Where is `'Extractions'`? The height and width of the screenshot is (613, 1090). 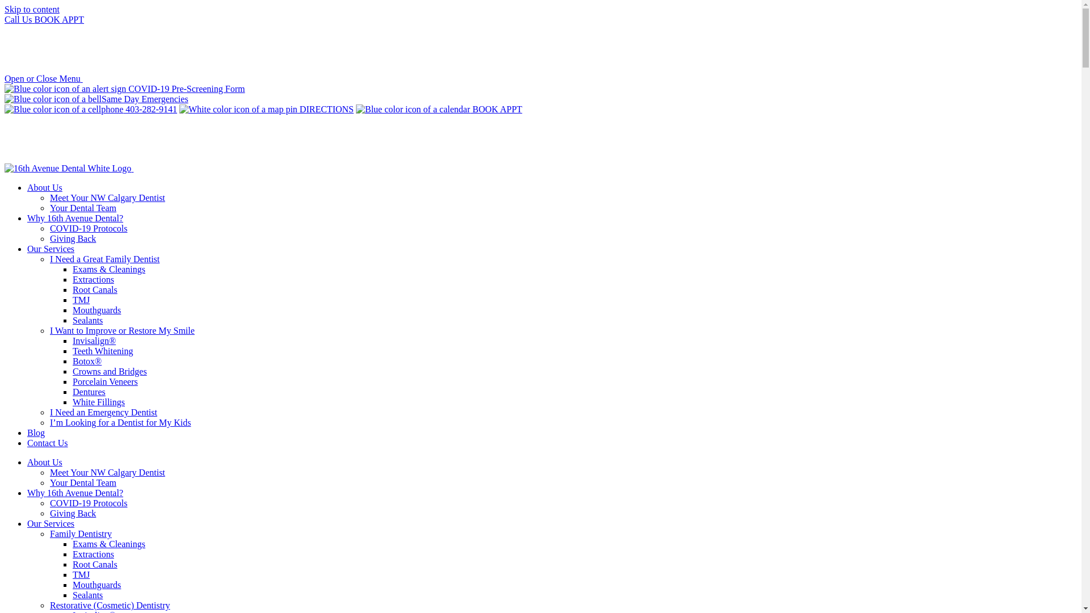 'Extractions' is located at coordinates (93, 553).